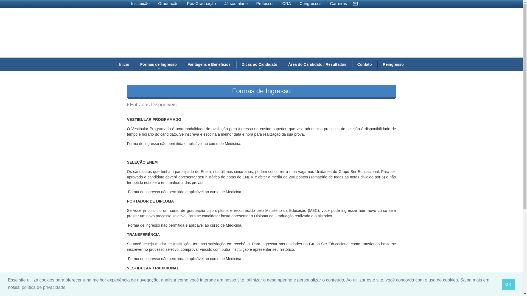 This screenshot has height=296, width=527. What do you see at coordinates (265, 3) in the screenshot?
I see `'Professor'` at bounding box center [265, 3].